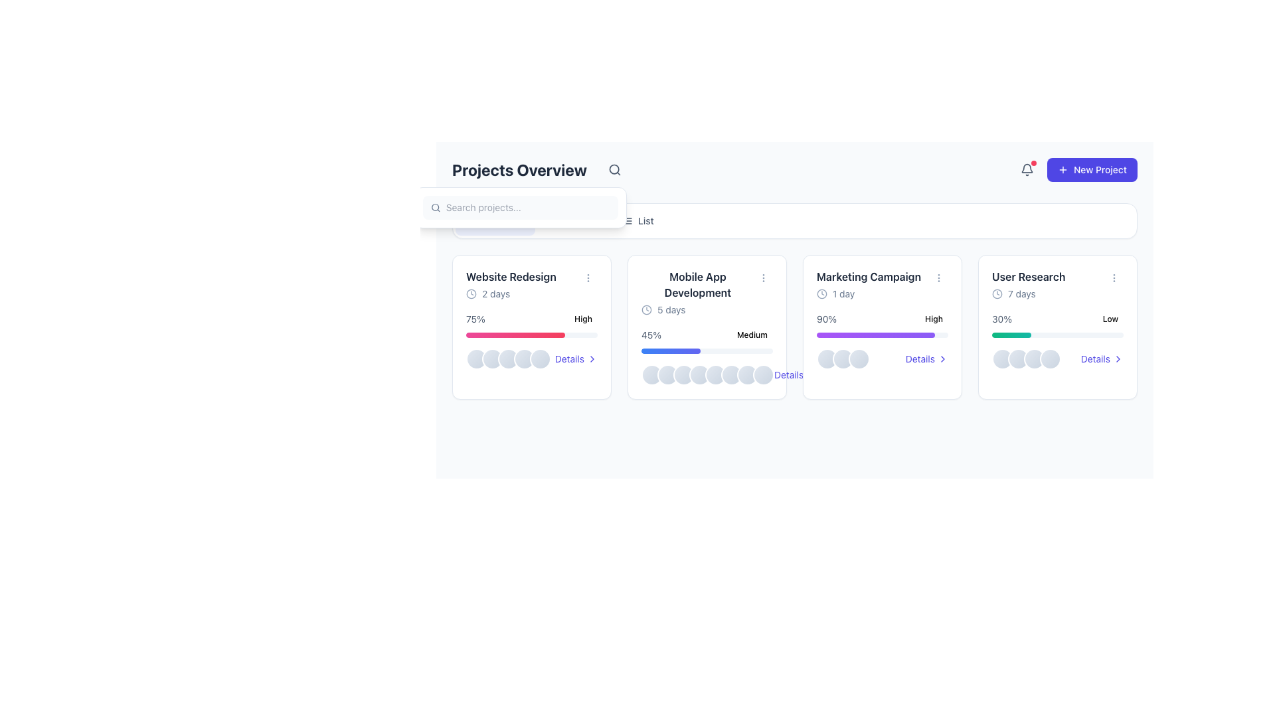 This screenshot has height=717, width=1275. Describe the element at coordinates (883, 327) in the screenshot. I see `the progress bar of the marketing campaign project card located in the dashboard view` at that location.